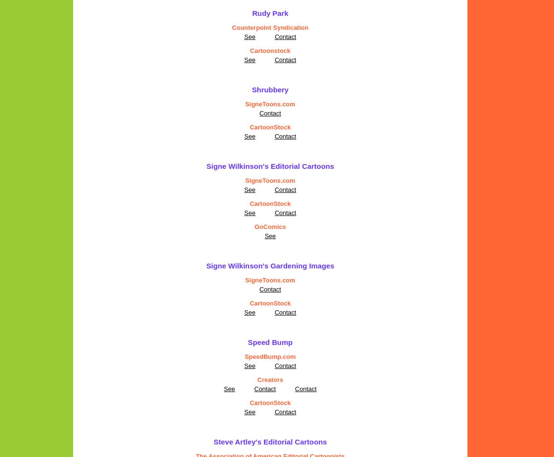 The height and width of the screenshot is (457, 554). Describe the element at coordinates (270, 27) in the screenshot. I see `'Counterpoint Syndication'` at that location.